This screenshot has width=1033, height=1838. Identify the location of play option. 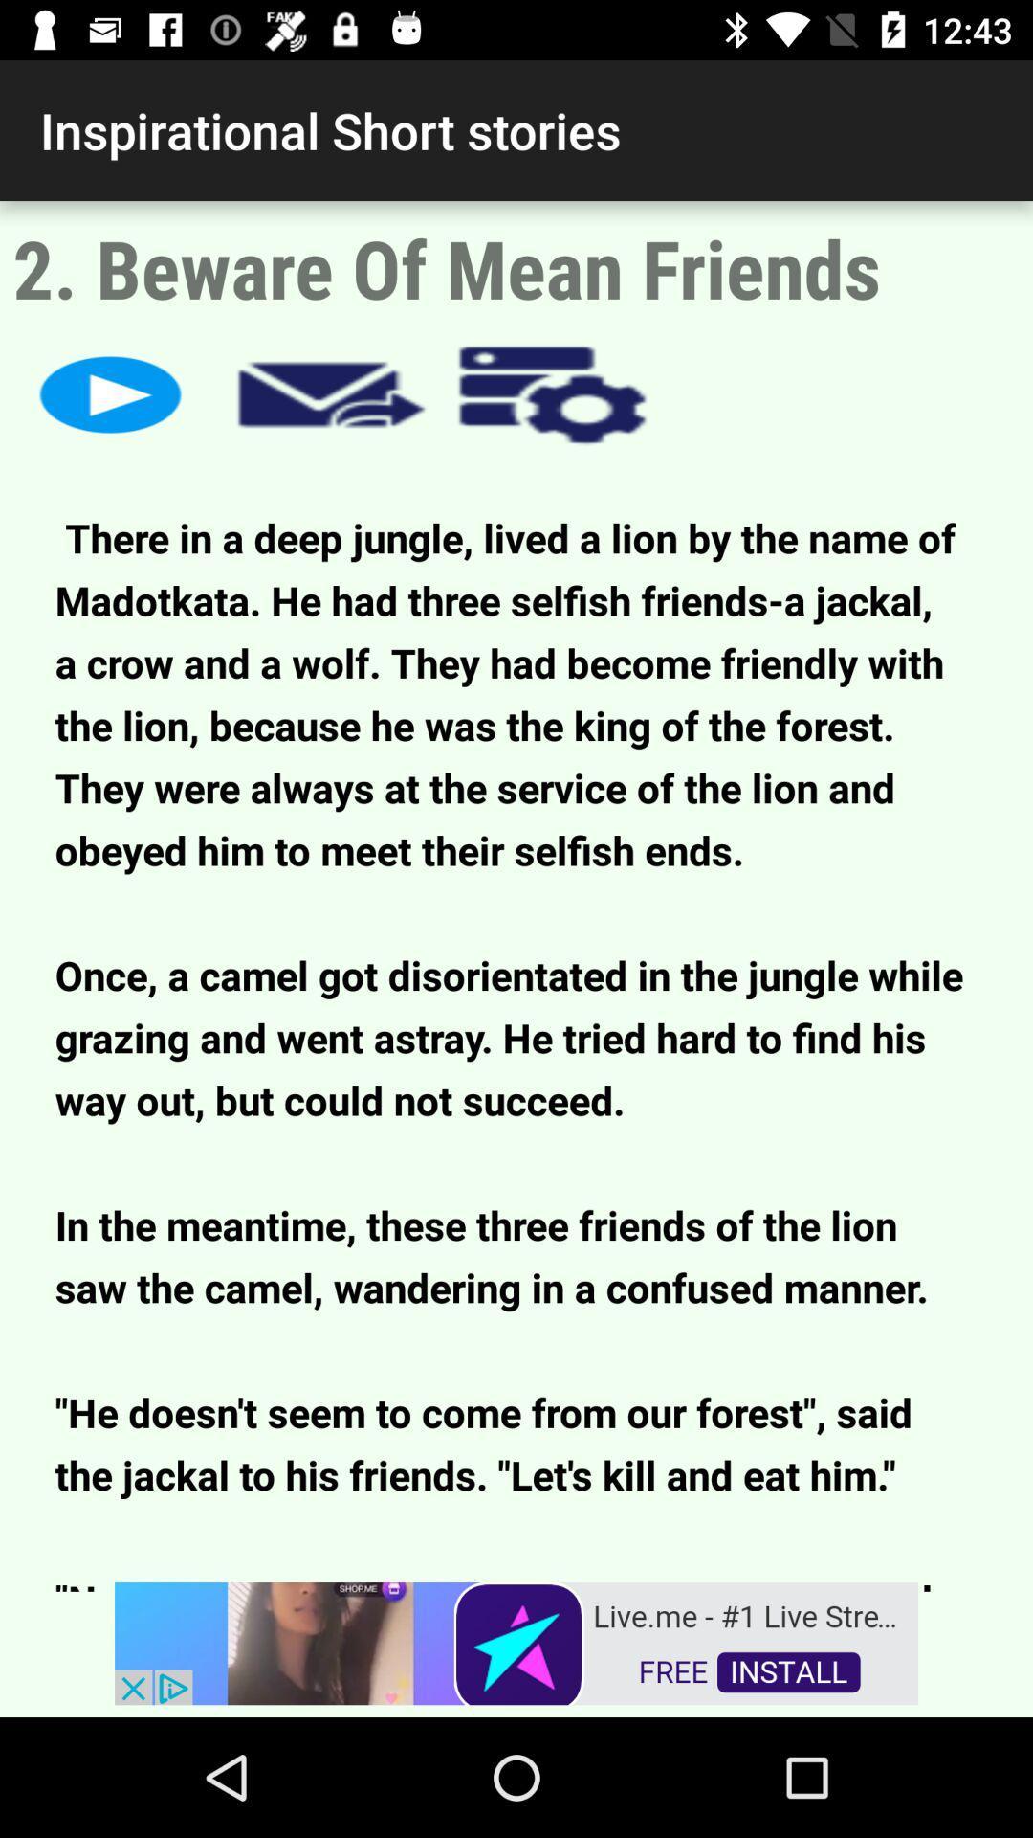
(110, 393).